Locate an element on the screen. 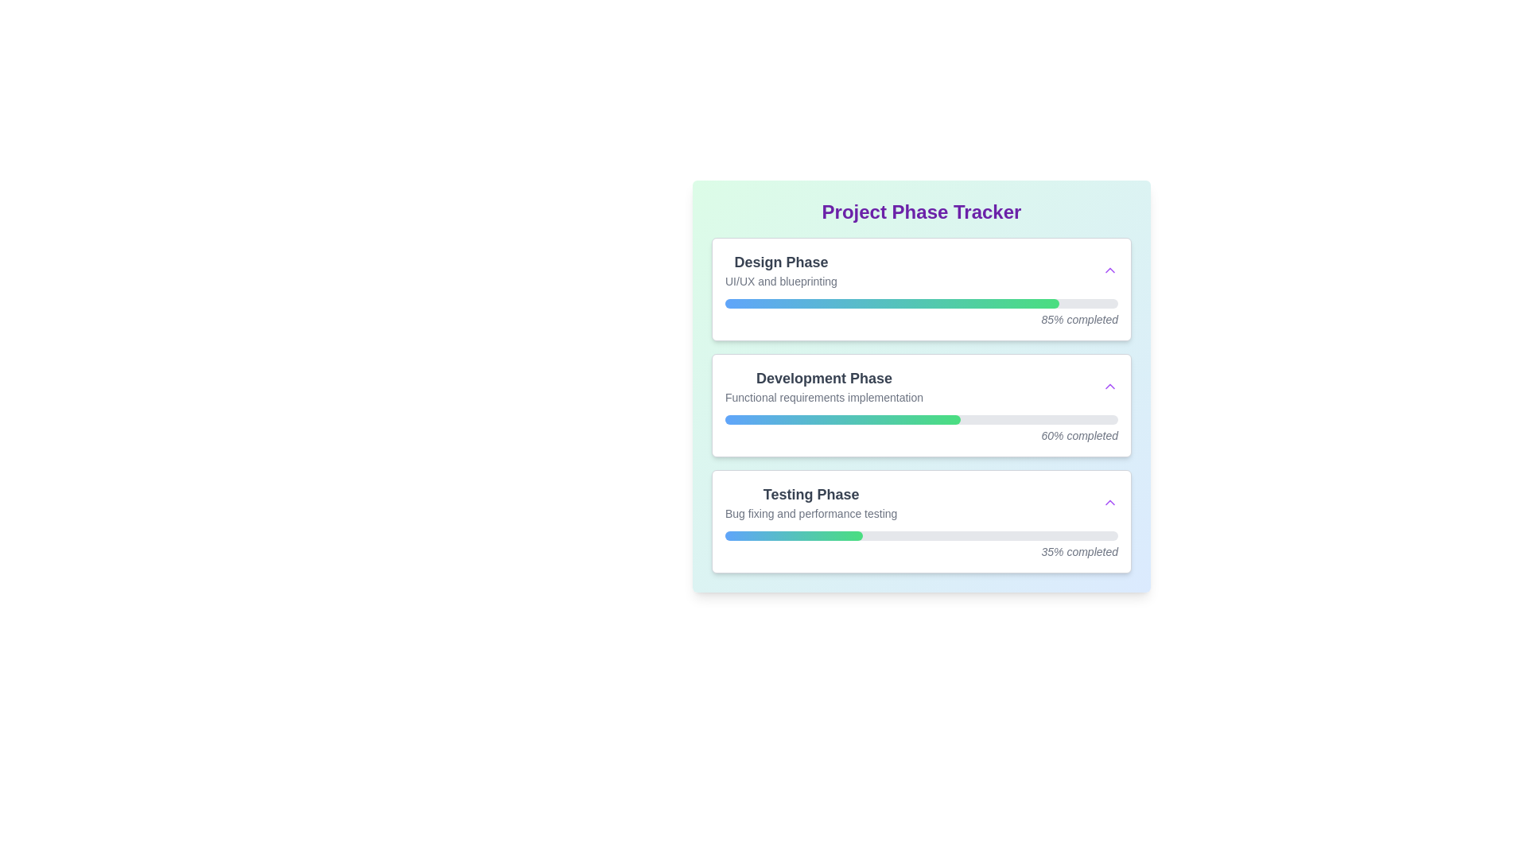 The height and width of the screenshot is (859, 1527). the progress bar of the second project phase indicator in the 'Project Phase Tracker' is located at coordinates (921, 404).